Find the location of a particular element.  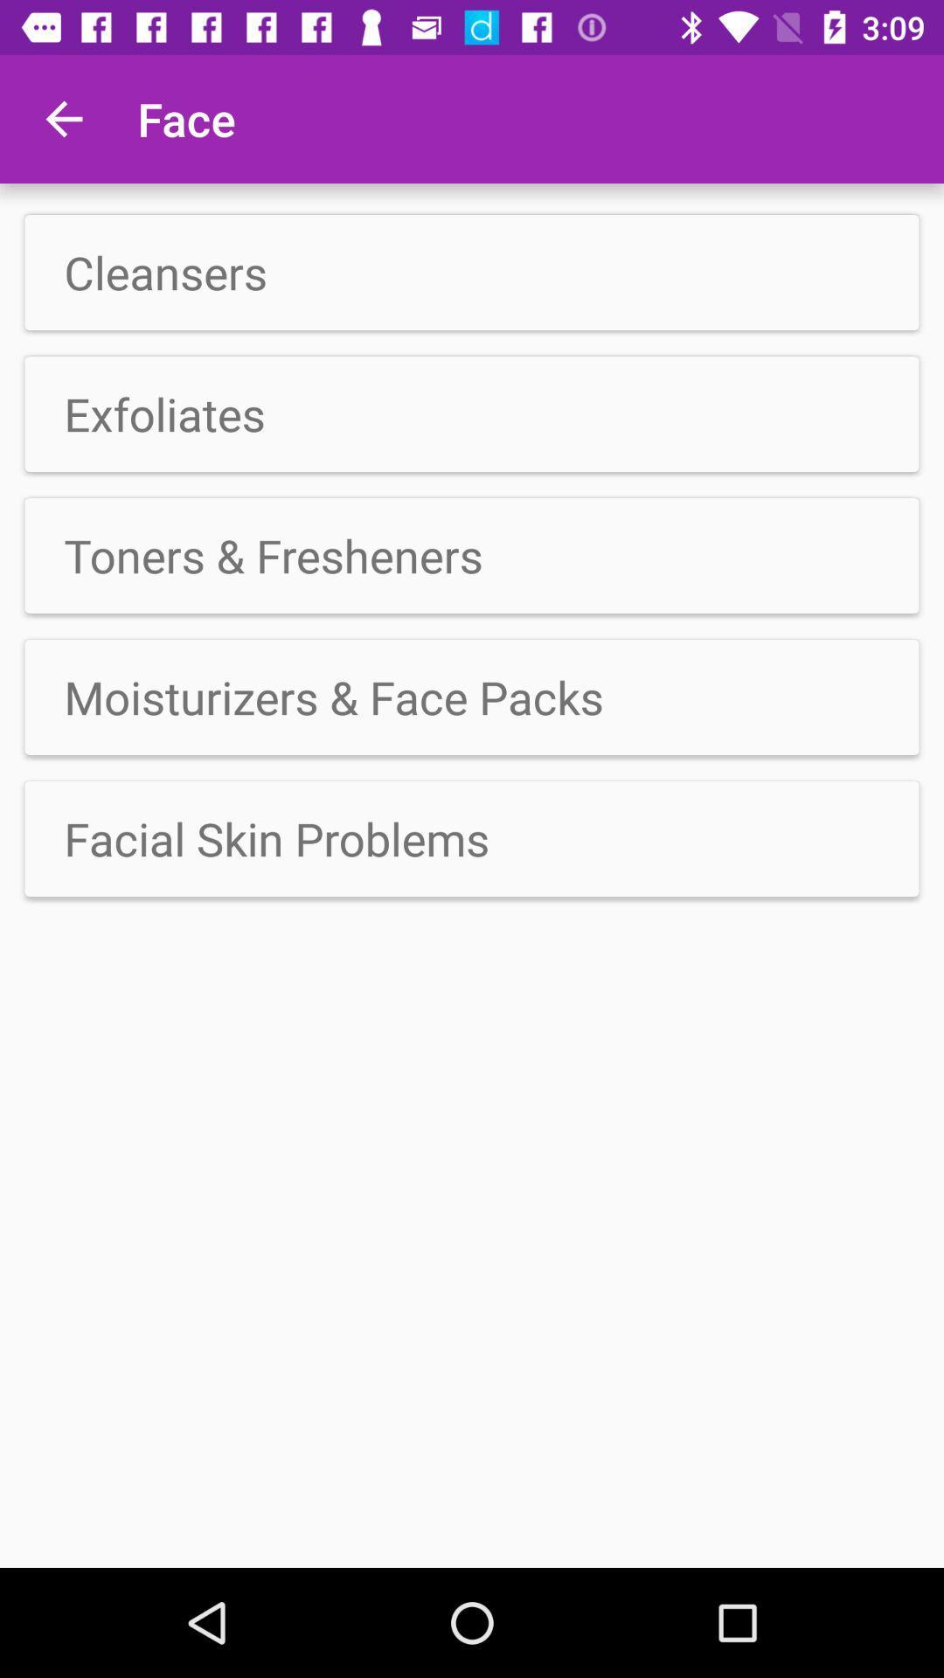

icon below the cleansers is located at coordinates (472, 413).